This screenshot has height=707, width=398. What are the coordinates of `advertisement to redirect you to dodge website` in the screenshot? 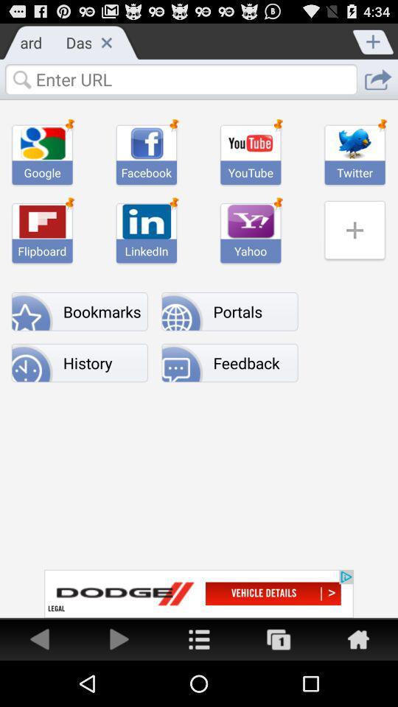 It's located at (199, 594).